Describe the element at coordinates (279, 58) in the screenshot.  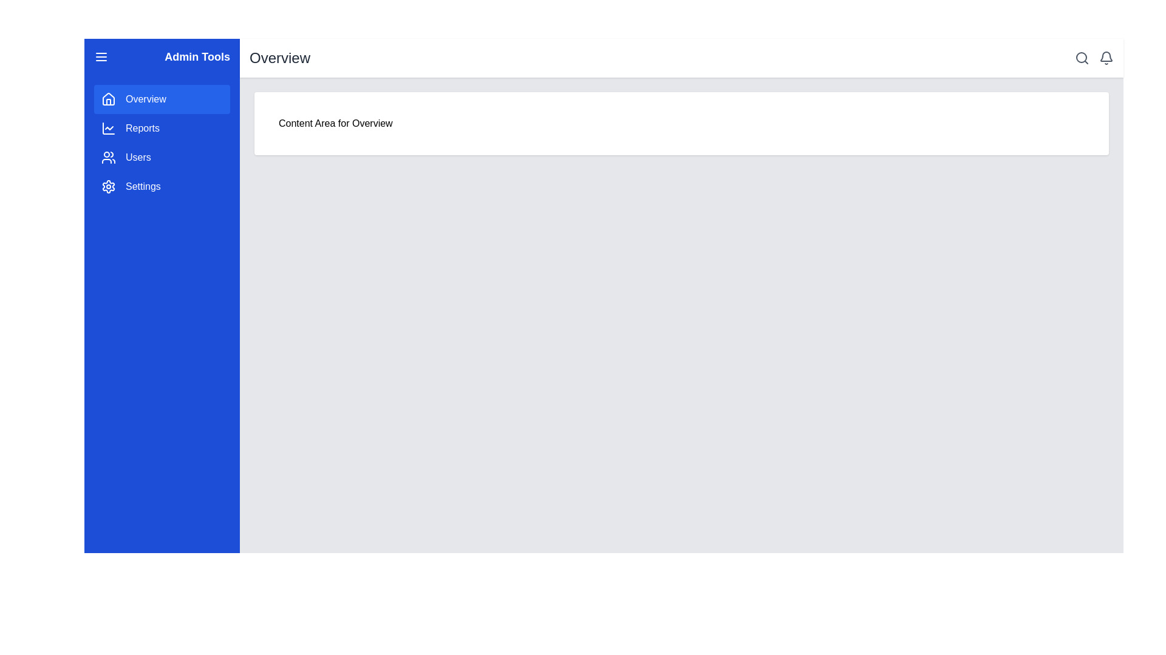
I see `'Overview' text label located at the top-center of the header section, which is styled in a large, bold, dark gray font` at that location.